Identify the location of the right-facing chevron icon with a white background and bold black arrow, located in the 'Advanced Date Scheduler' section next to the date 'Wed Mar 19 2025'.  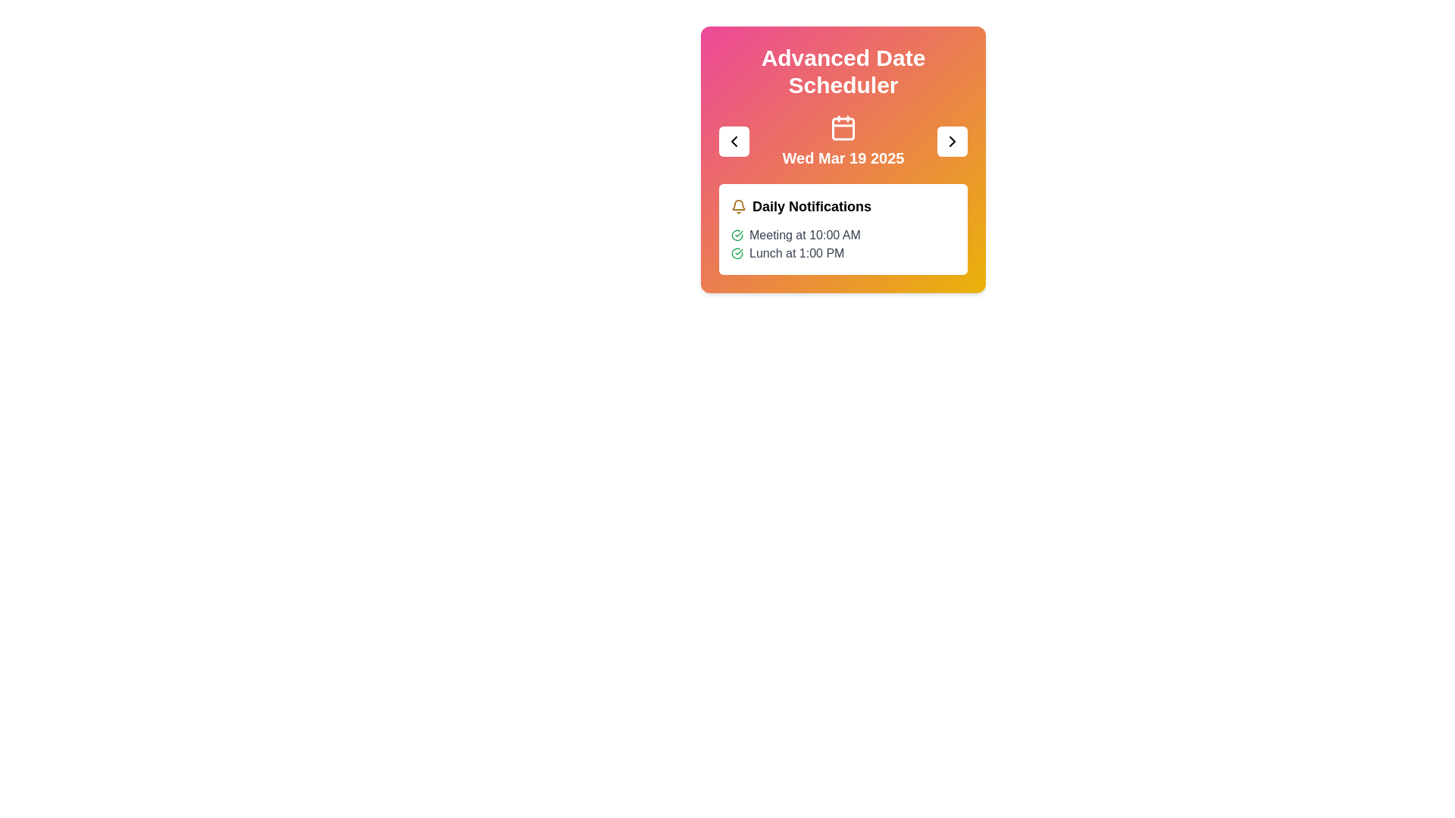
(952, 141).